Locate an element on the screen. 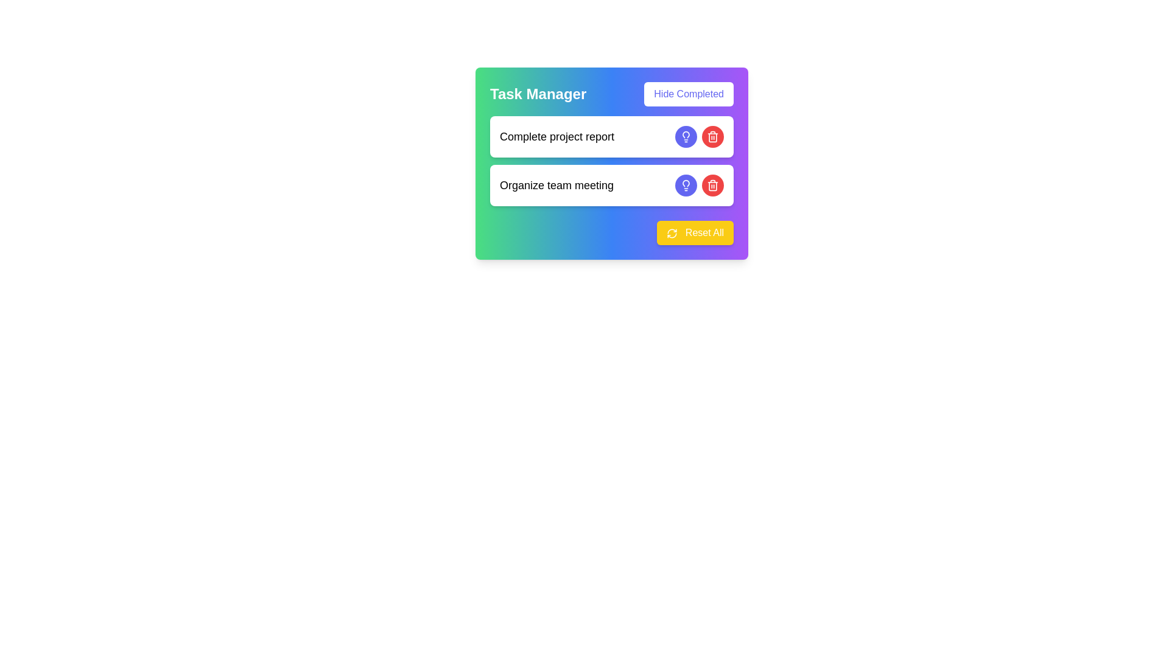 The image size is (1169, 657). the composite UI element containing the blue and red buttons associated with the 'Complete project report' task is located at coordinates (699, 136).